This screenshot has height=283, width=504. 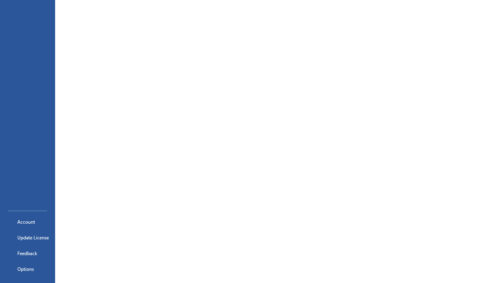 What do you see at coordinates (27, 268) in the screenshot?
I see `'Options'` at bounding box center [27, 268].